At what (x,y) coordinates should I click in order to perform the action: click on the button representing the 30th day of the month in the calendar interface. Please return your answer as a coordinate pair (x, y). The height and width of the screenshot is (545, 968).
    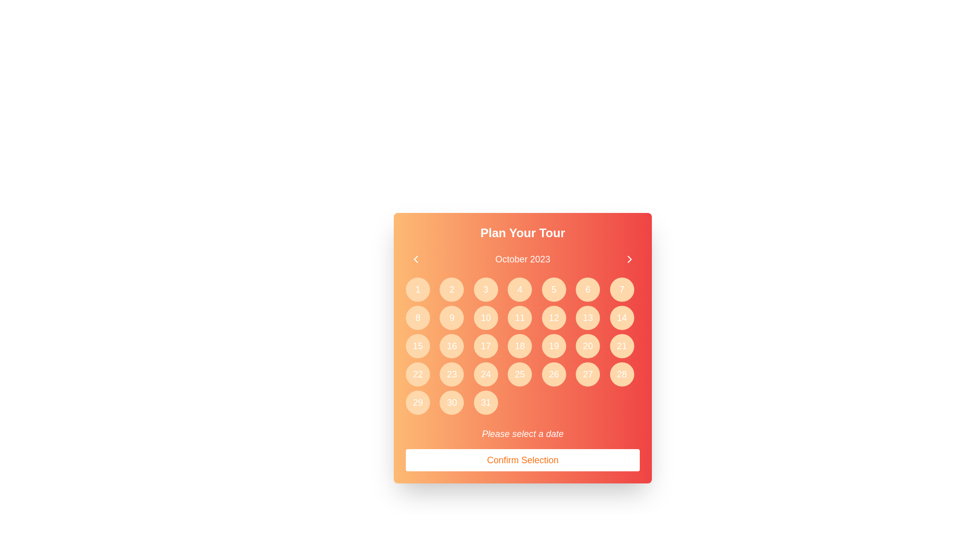
    Looking at the image, I should click on (451, 402).